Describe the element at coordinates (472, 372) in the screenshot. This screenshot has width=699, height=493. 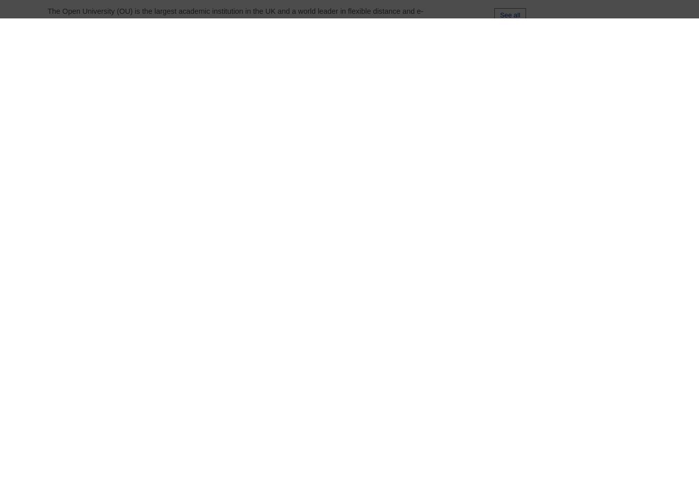
I see `'Masters in Mathematics (MSc)'` at that location.